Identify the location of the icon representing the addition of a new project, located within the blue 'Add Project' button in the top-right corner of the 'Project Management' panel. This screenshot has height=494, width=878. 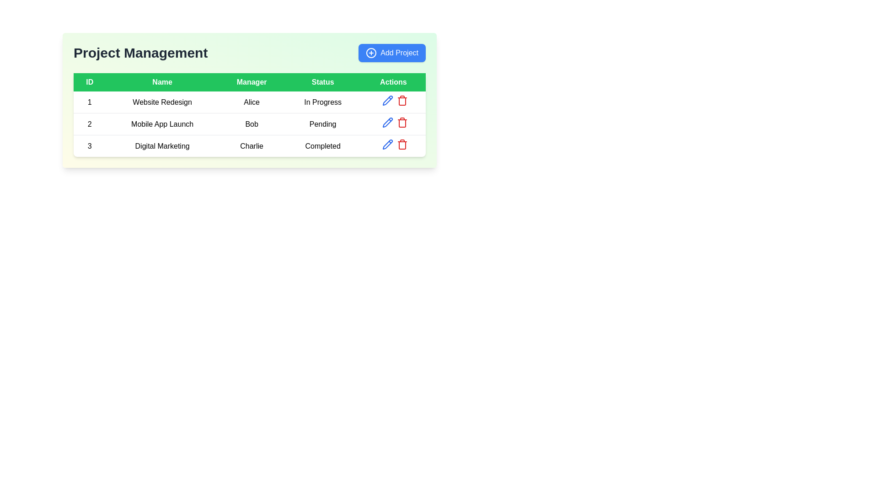
(371, 53).